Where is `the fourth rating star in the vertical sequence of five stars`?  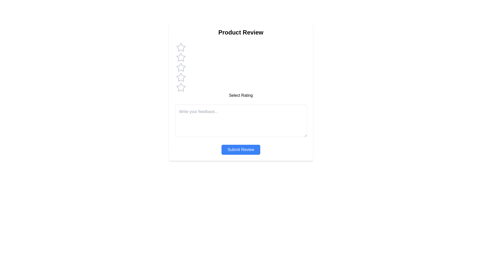 the fourth rating star in the vertical sequence of five stars is located at coordinates (180, 77).